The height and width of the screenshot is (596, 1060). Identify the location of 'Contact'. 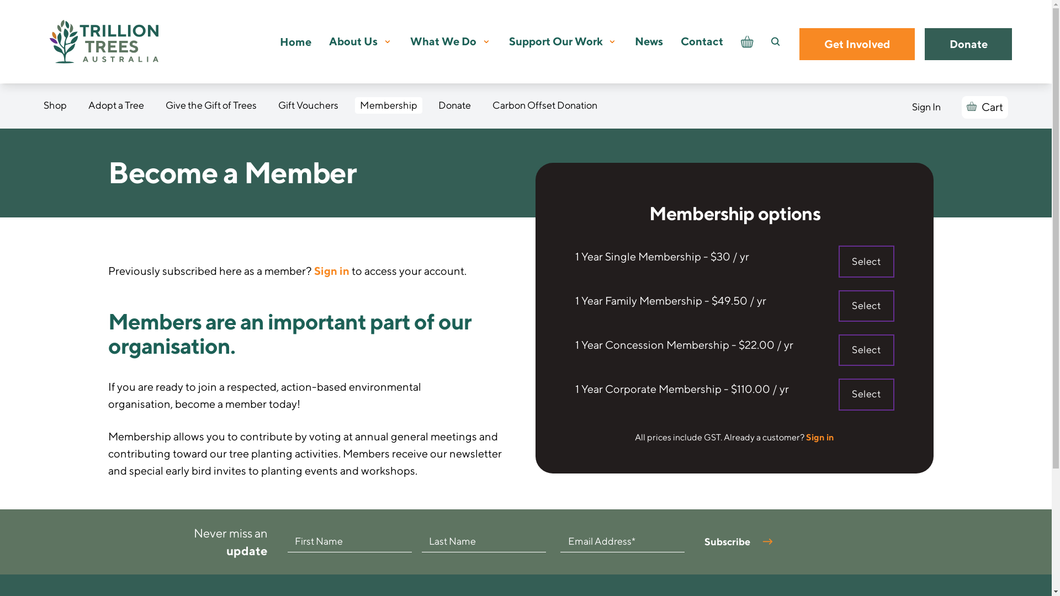
(701, 41).